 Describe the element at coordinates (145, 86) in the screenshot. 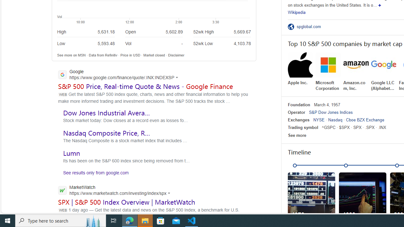

I see `'S&P 500 Price, Real-time Quote & News - Google Finance'` at that location.